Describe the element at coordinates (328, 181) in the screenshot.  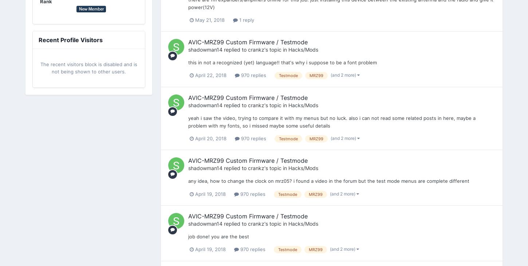
I see `'any idea, how to change the clock on mrz05? i found a video in the forum but the test mode menus are complete different'` at that location.